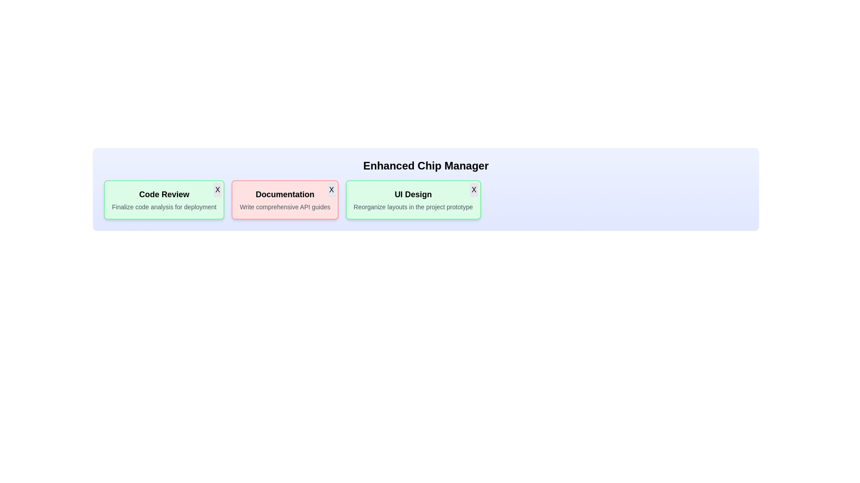 The image size is (860, 483). I want to click on the chip labeled UI Design, so click(413, 199).